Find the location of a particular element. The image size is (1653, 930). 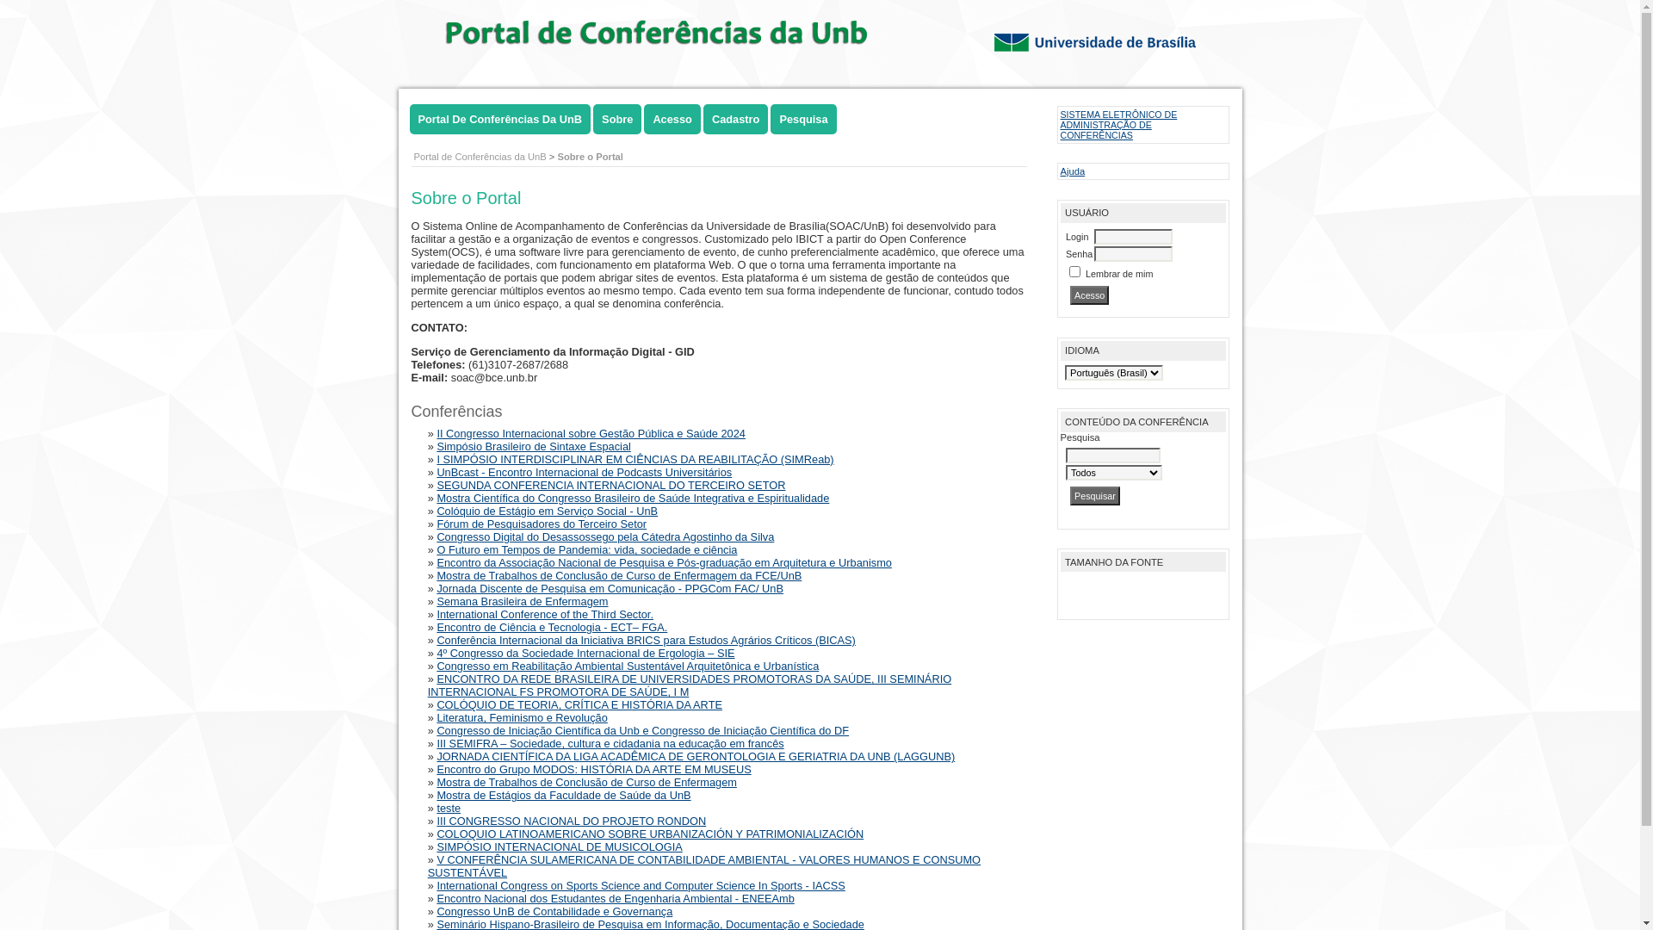

'Cadastro' is located at coordinates (735, 118).